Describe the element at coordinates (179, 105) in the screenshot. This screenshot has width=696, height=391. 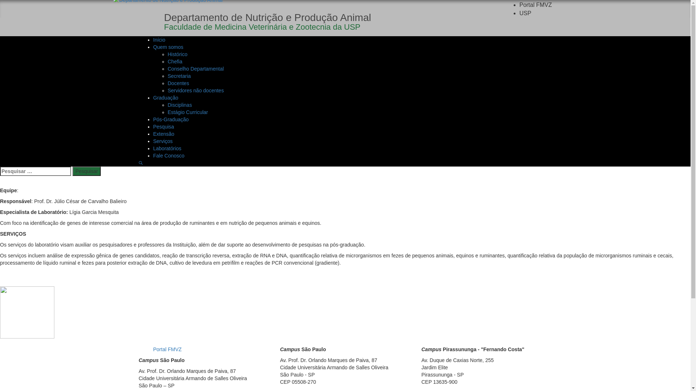
I see `'Disciplinas'` at that location.